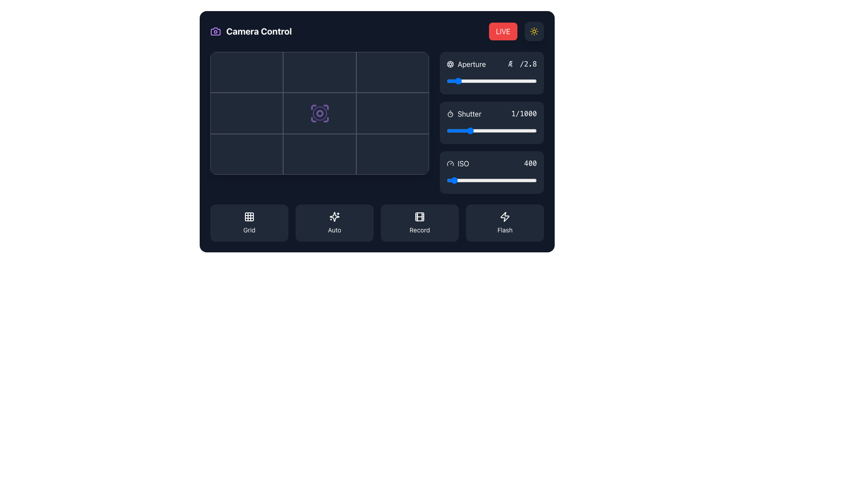 This screenshot has height=479, width=852. I want to click on the top-right corner button that indicates live status, so click(503, 31).